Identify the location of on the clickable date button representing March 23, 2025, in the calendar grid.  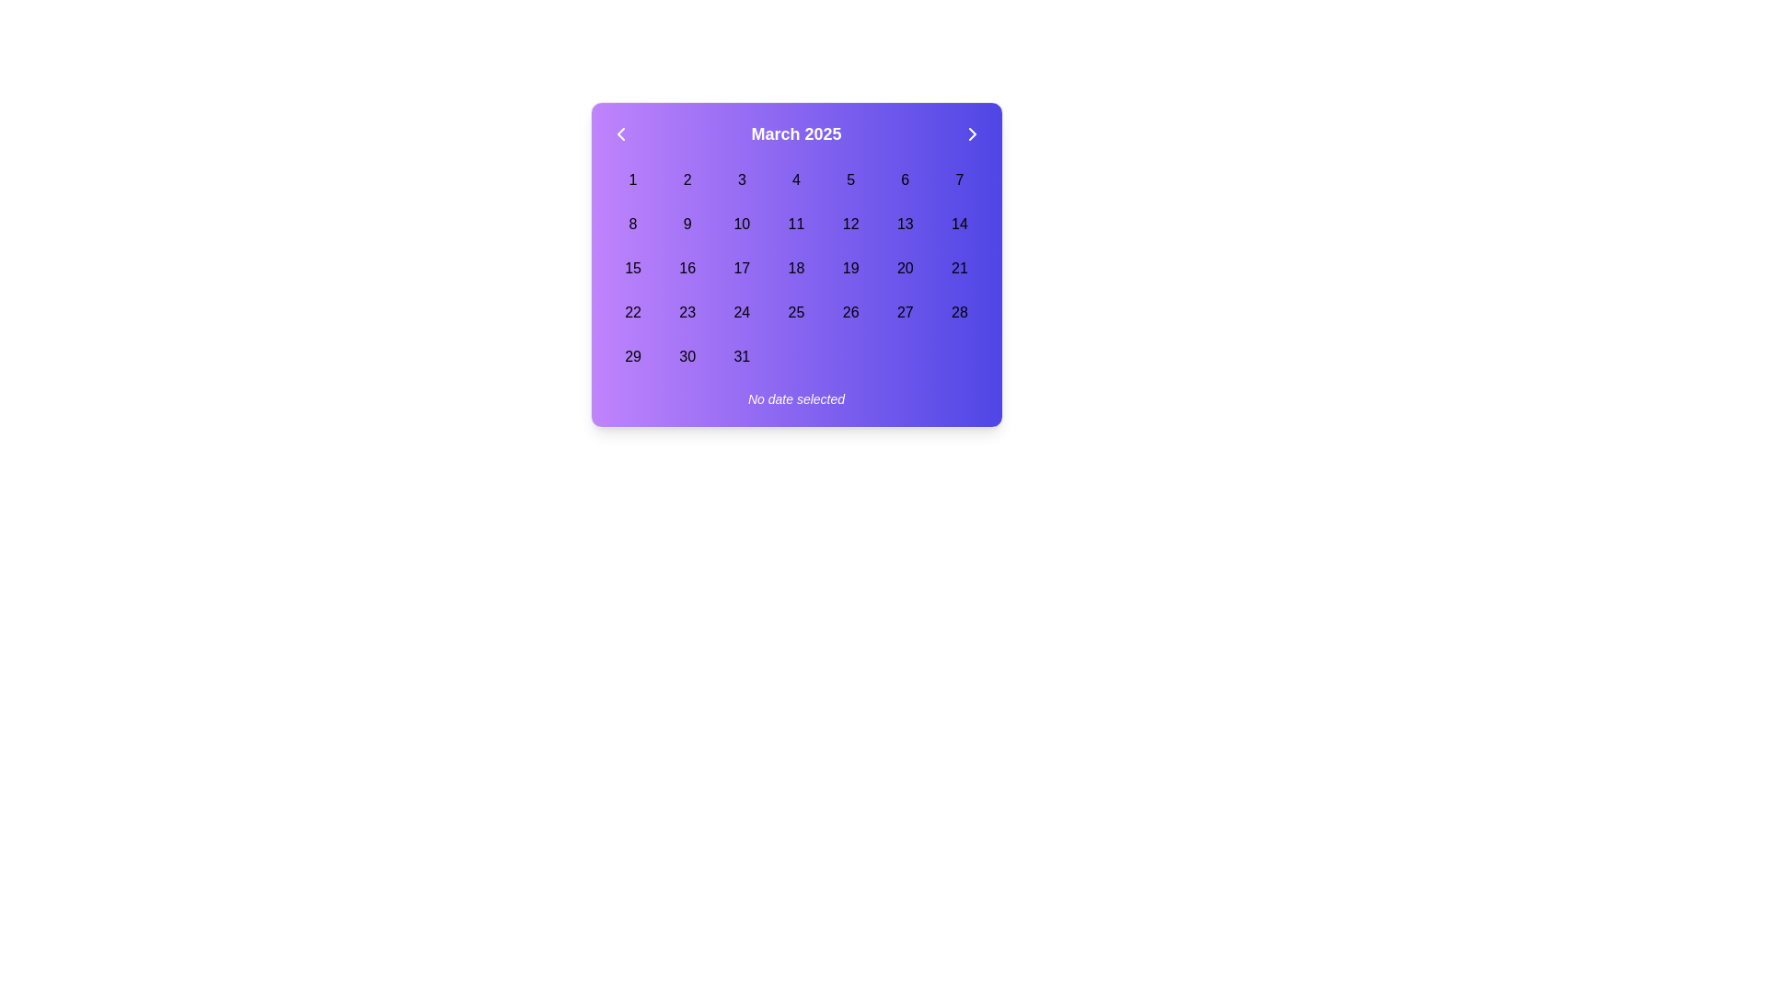
(687, 311).